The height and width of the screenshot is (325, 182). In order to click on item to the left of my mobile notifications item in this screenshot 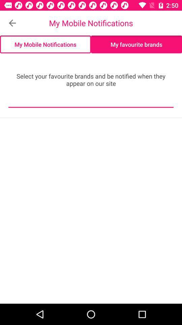, I will do `click(12, 23)`.